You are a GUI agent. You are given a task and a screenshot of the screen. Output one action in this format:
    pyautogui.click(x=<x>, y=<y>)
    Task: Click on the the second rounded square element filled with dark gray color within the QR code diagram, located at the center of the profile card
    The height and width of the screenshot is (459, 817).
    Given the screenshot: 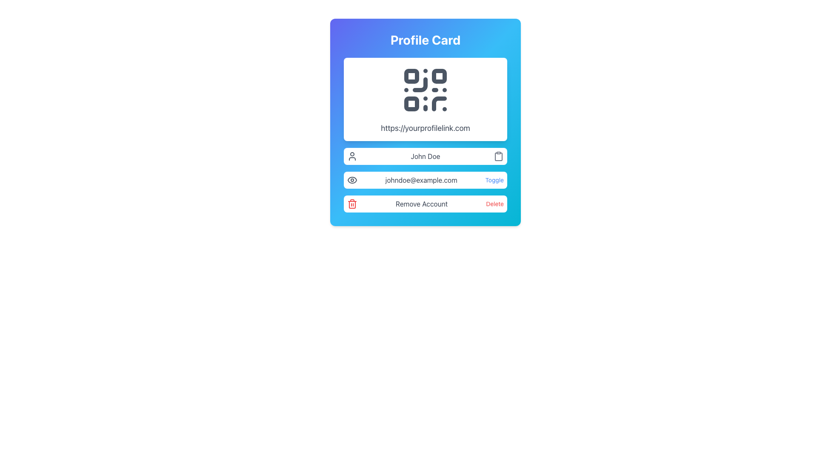 What is the action you would take?
    pyautogui.click(x=439, y=76)
    